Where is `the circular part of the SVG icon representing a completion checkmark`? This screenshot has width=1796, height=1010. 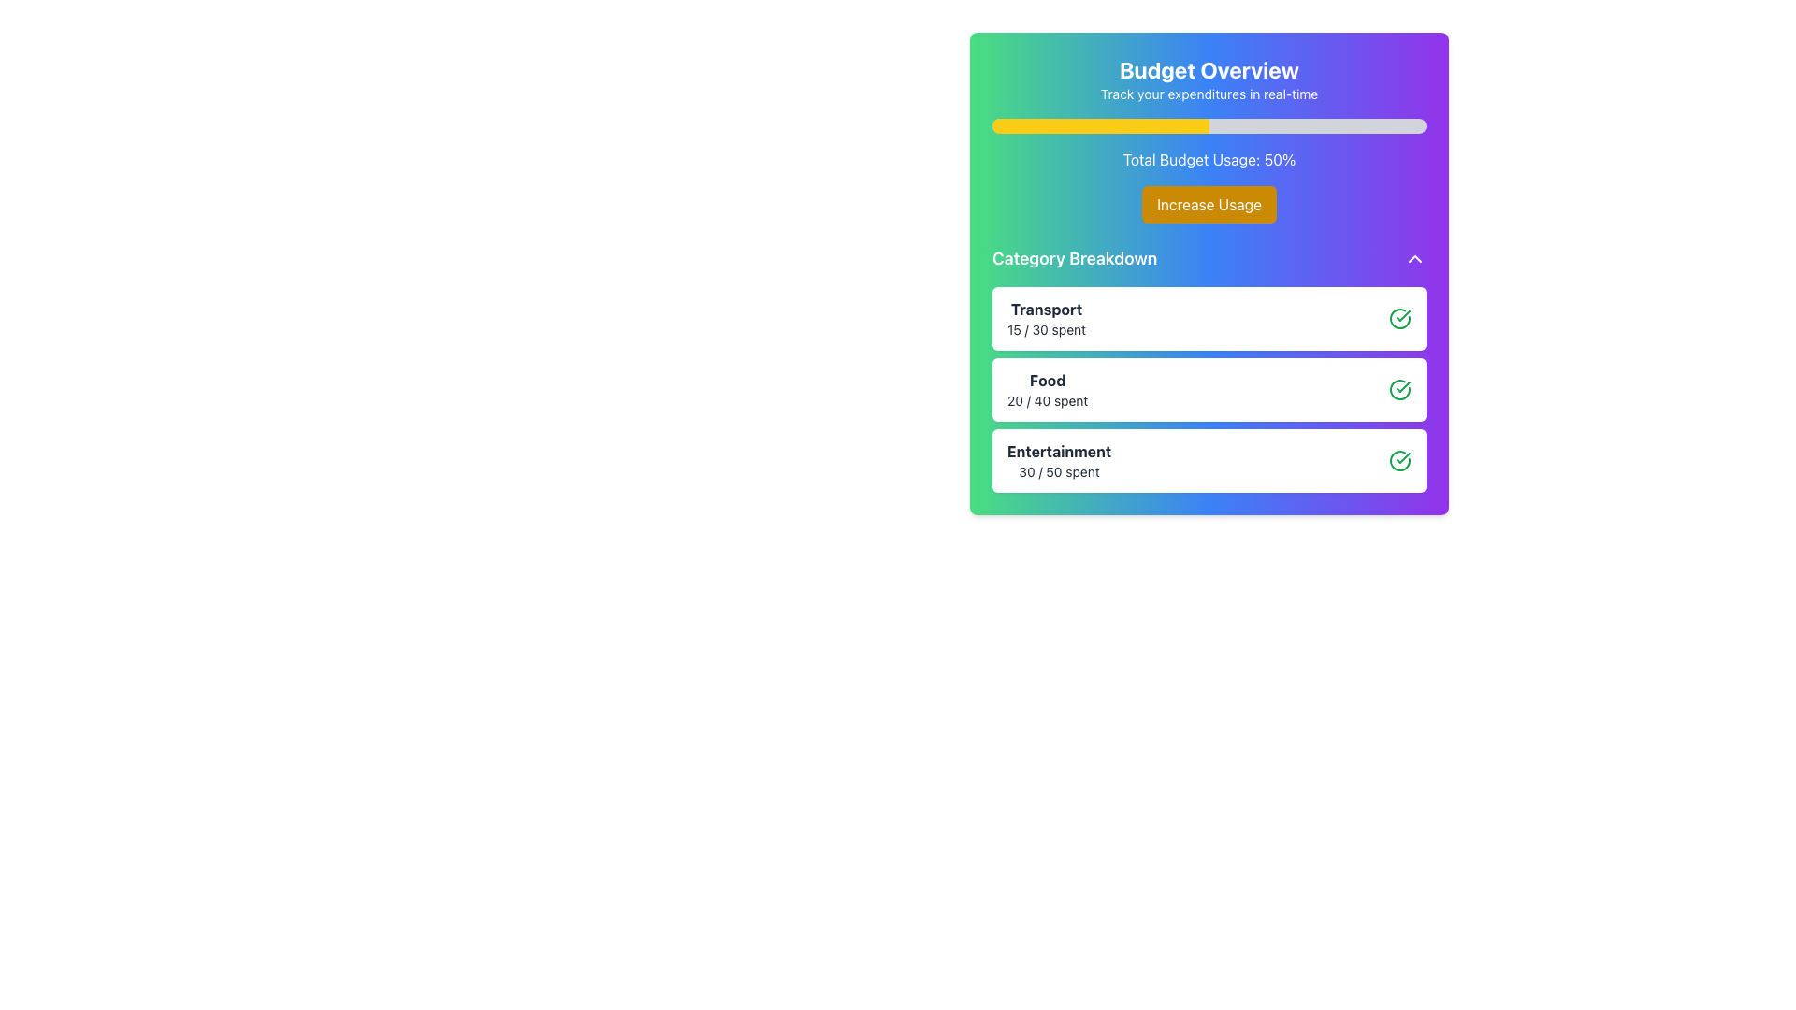 the circular part of the SVG icon representing a completion checkmark is located at coordinates (1400, 388).